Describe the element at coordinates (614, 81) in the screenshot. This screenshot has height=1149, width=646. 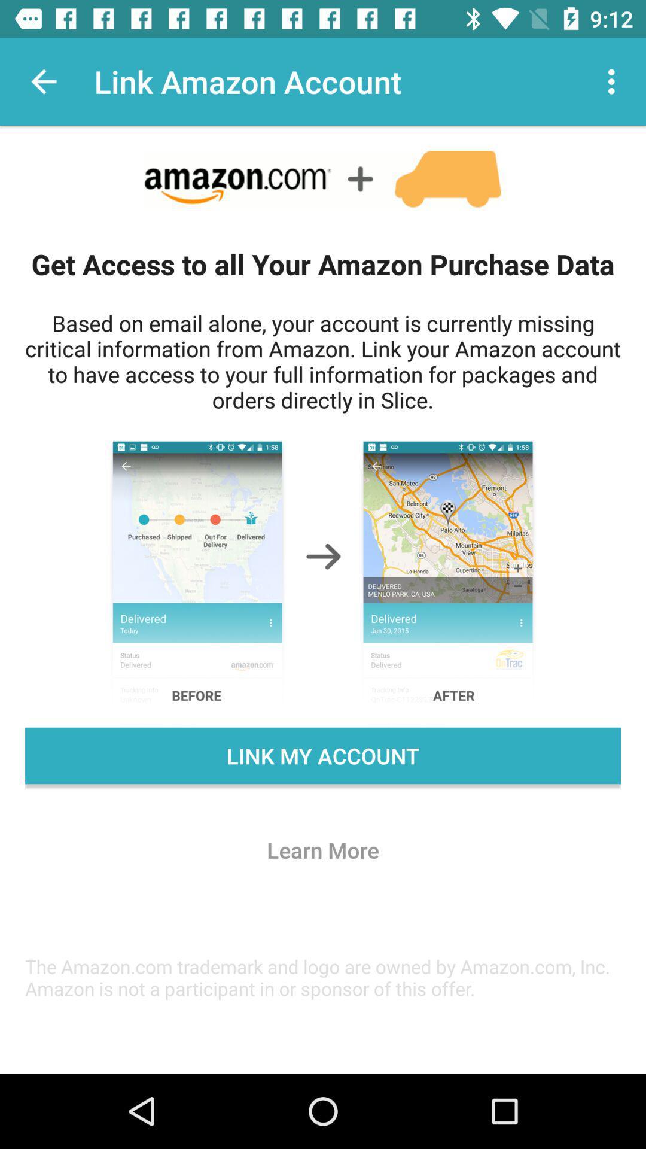
I see `icon above get access to` at that location.